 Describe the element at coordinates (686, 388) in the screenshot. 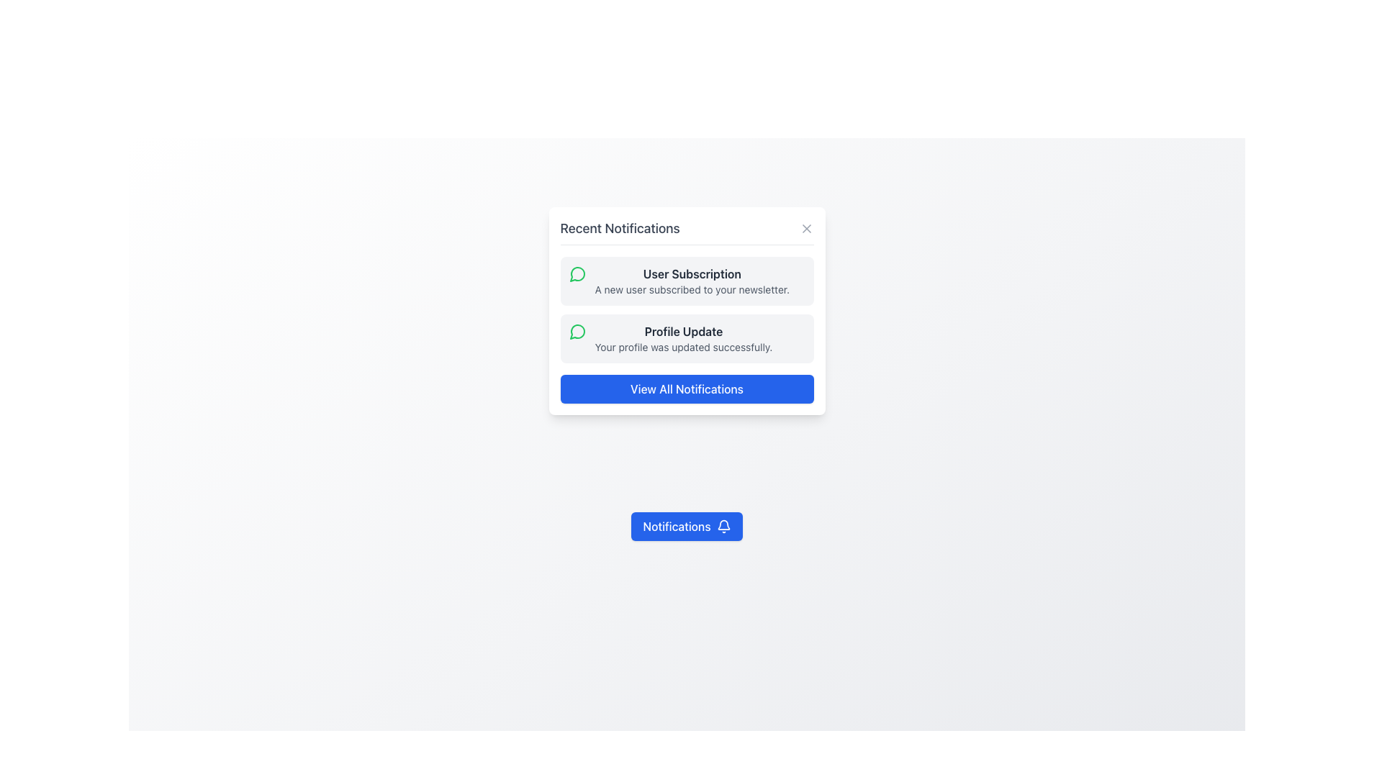

I see `the 'View All Notifications' button with a blue background and white text located at the bottom of the 'Recent Notifications' panel` at that location.